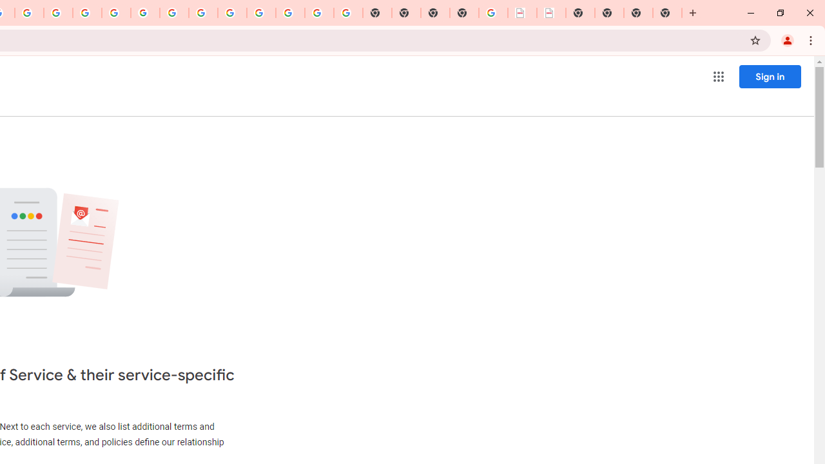 This screenshot has height=464, width=825. Describe the element at coordinates (348, 13) in the screenshot. I see `'Google Images'` at that location.